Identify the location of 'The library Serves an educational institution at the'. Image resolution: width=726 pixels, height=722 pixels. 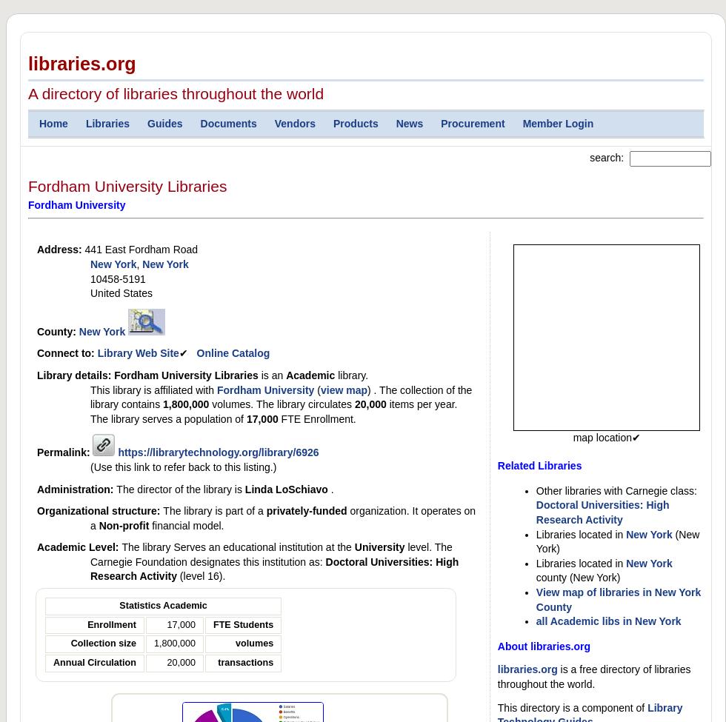
(238, 546).